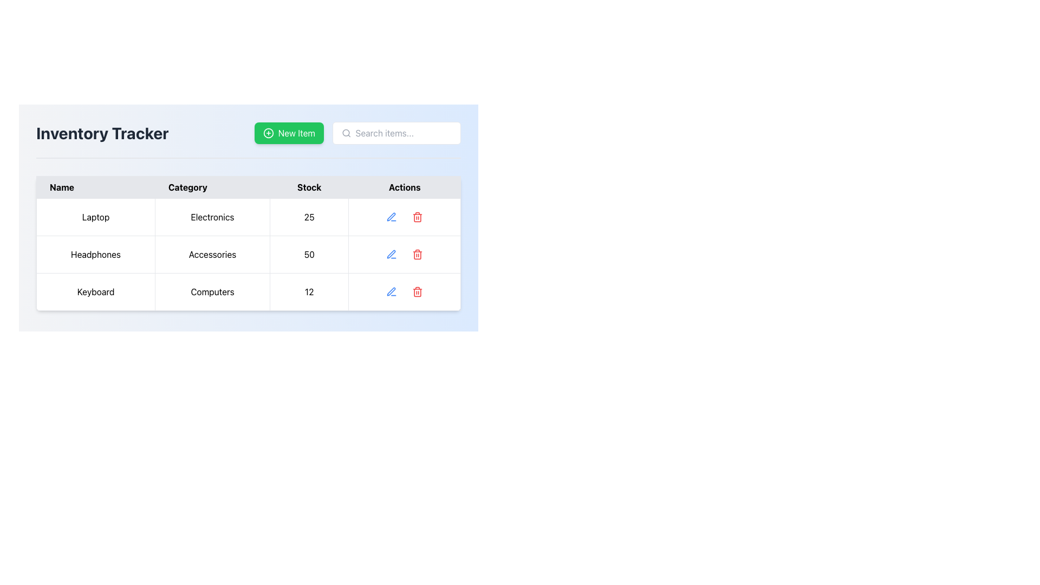 This screenshot has width=1040, height=585. I want to click on the trash bin icon located in the second row of the actions column for deletion, so click(417, 218).